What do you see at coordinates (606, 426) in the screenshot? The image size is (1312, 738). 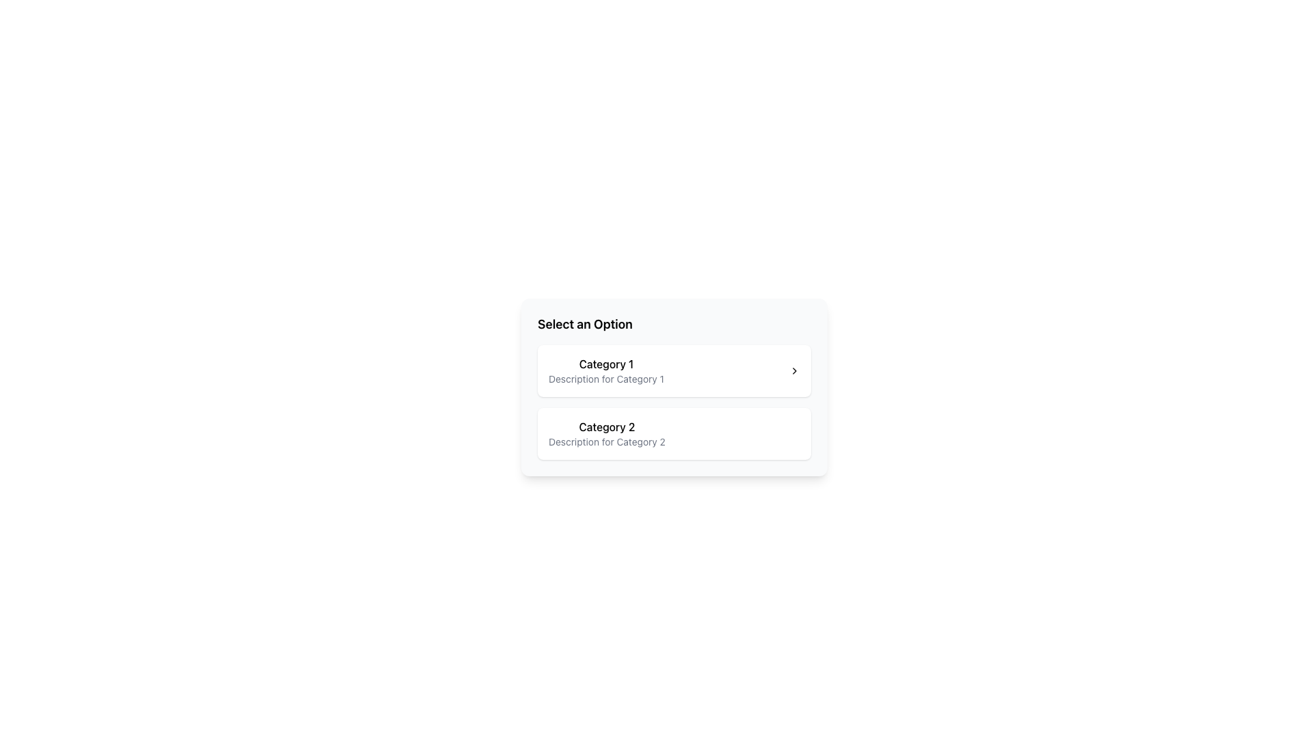 I see `text label 'Category 2' which is styled with a medium font weight and is located at the upper left of the second option card in a list of selectable options` at bounding box center [606, 426].